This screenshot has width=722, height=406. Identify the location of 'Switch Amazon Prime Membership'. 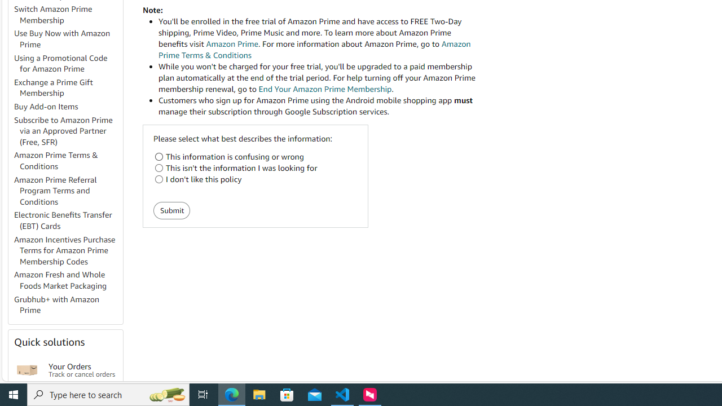
(67, 15).